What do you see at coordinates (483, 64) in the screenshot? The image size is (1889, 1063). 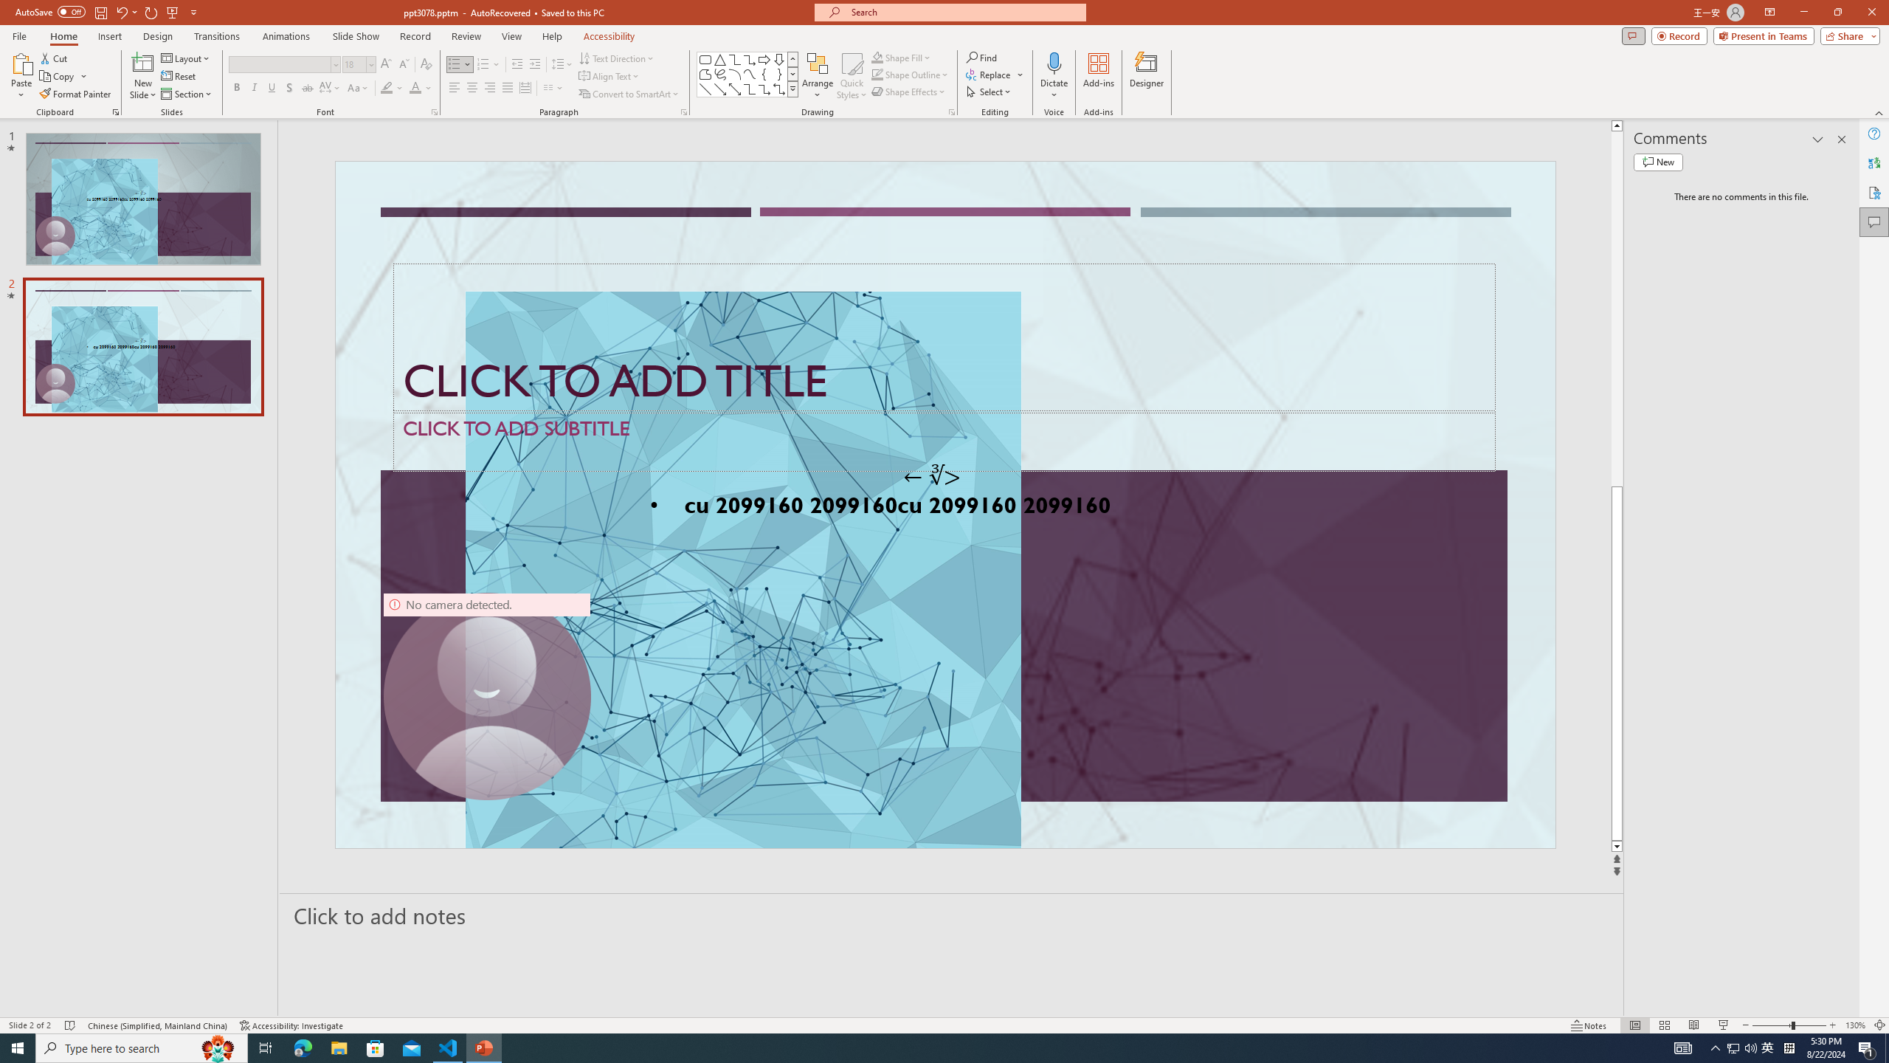 I see `'Numbering'` at bounding box center [483, 64].